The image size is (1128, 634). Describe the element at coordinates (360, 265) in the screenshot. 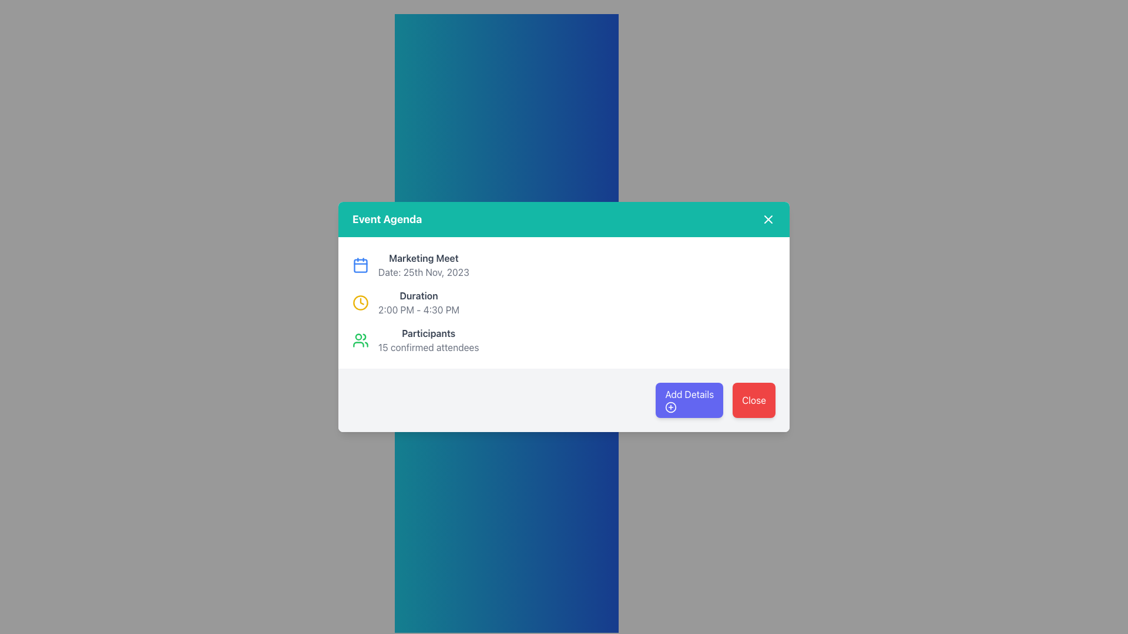

I see `the vibrant blue calendar icon located at the top-left corner of the content block for the 'Marketing Meet' entry, which precedes the title 'Marketing Meet'` at that location.